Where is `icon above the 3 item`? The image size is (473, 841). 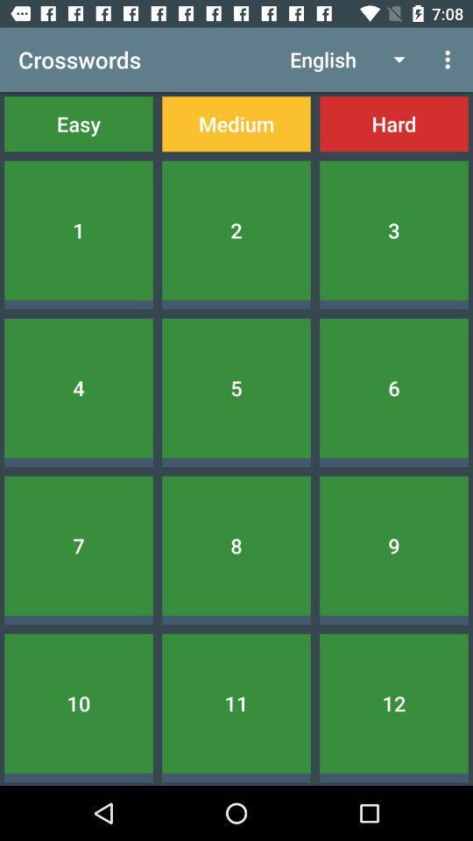 icon above the 3 item is located at coordinates (393, 123).